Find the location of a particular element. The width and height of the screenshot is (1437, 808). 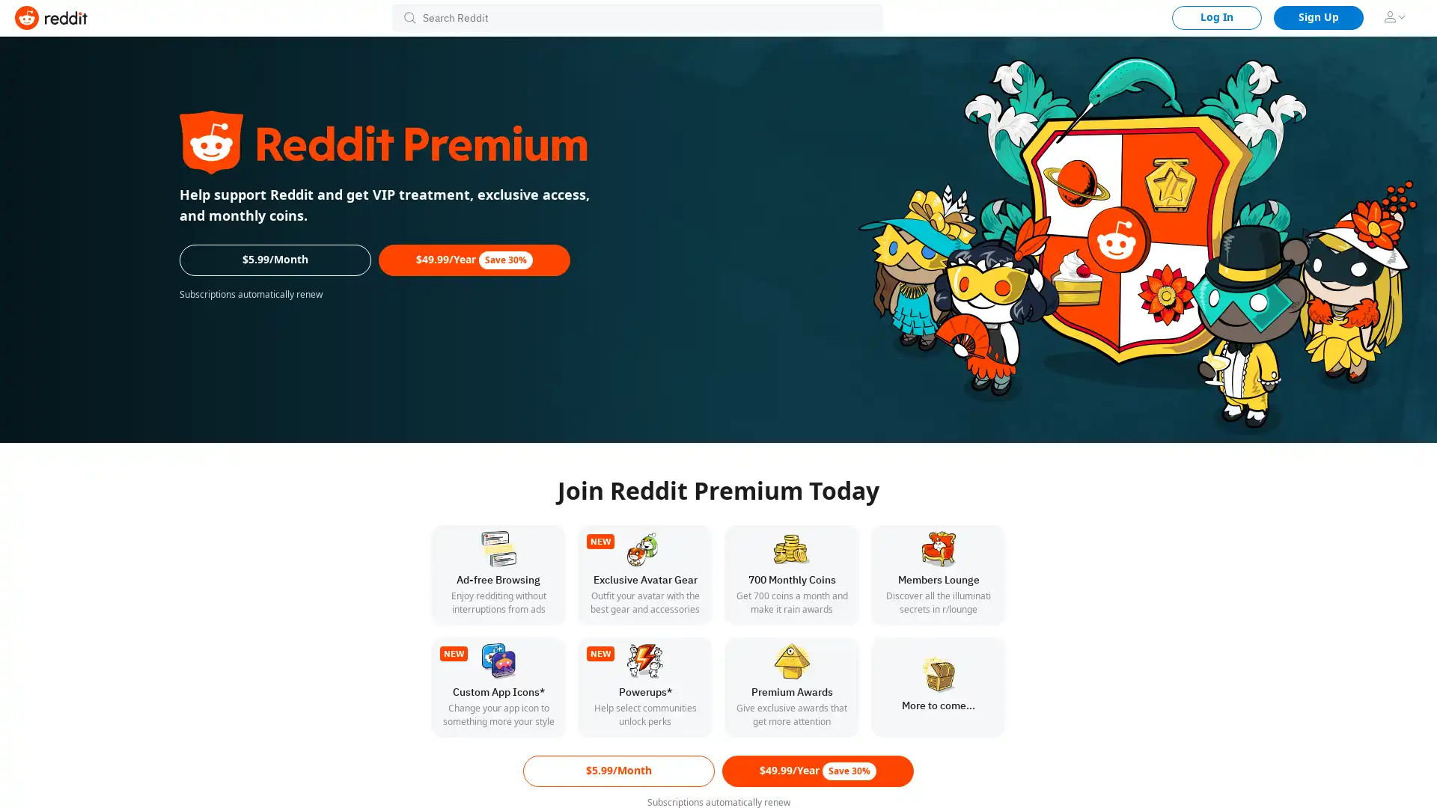

$49.99/YearSave 30% is located at coordinates (473, 259).